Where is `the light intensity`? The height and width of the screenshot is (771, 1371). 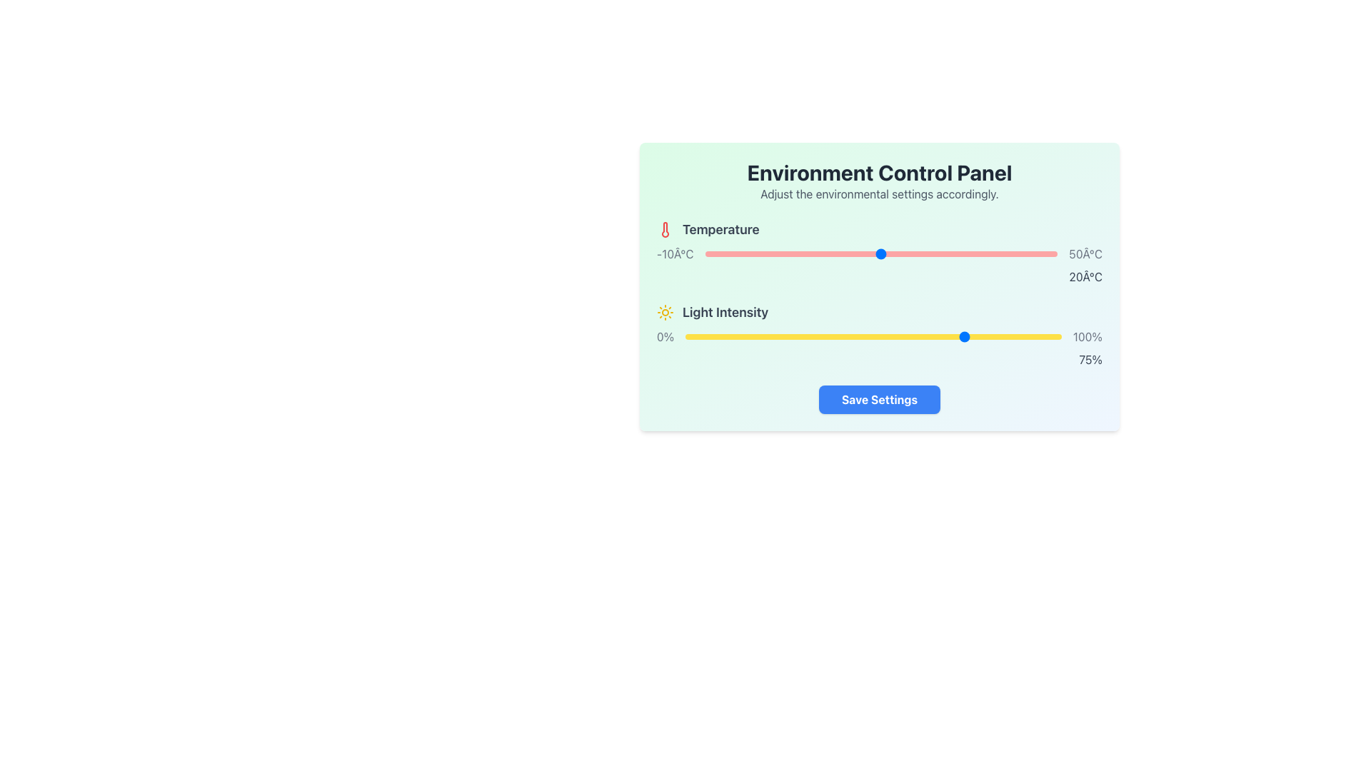
the light intensity is located at coordinates (685, 336).